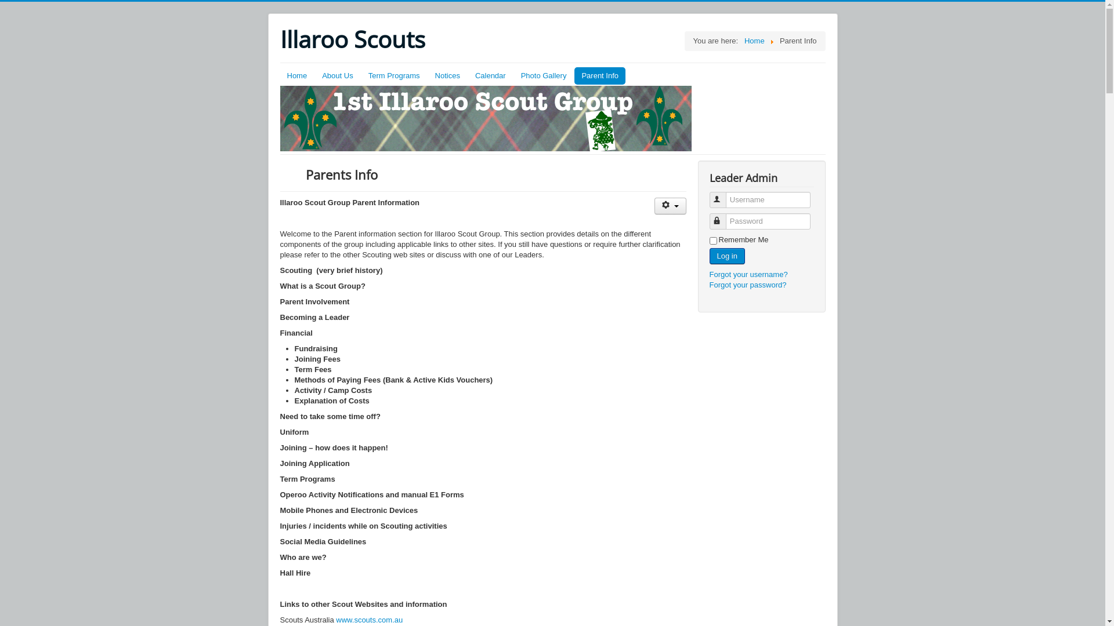 The image size is (1114, 626). What do you see at coordinates (368, 619) in the screenshot?
I see `'www.scouts.com.au'` at bounding box center [368, 619].